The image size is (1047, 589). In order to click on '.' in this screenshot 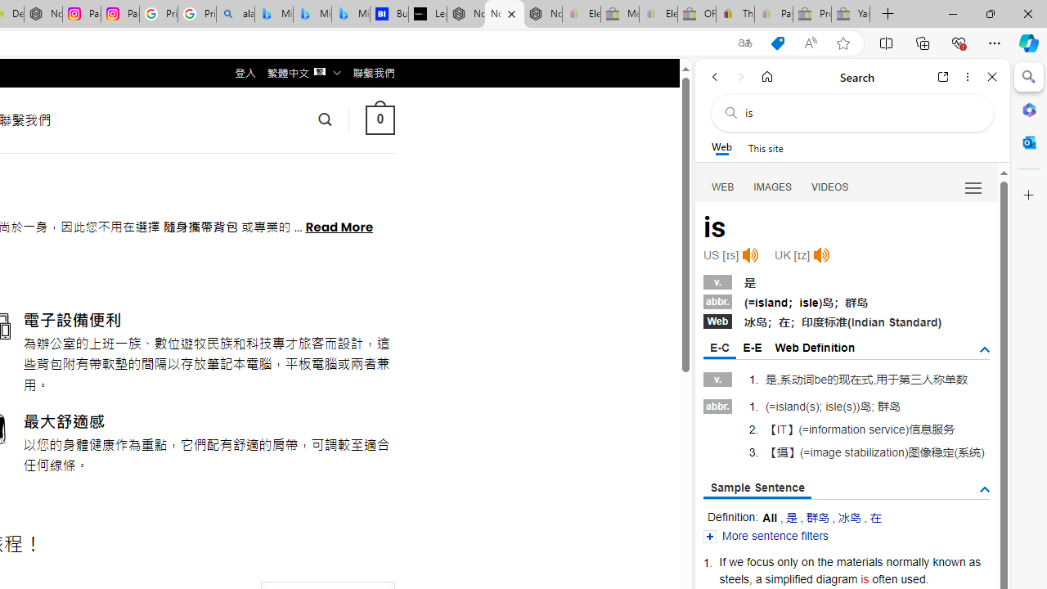, I will do `click(928, 578)`.